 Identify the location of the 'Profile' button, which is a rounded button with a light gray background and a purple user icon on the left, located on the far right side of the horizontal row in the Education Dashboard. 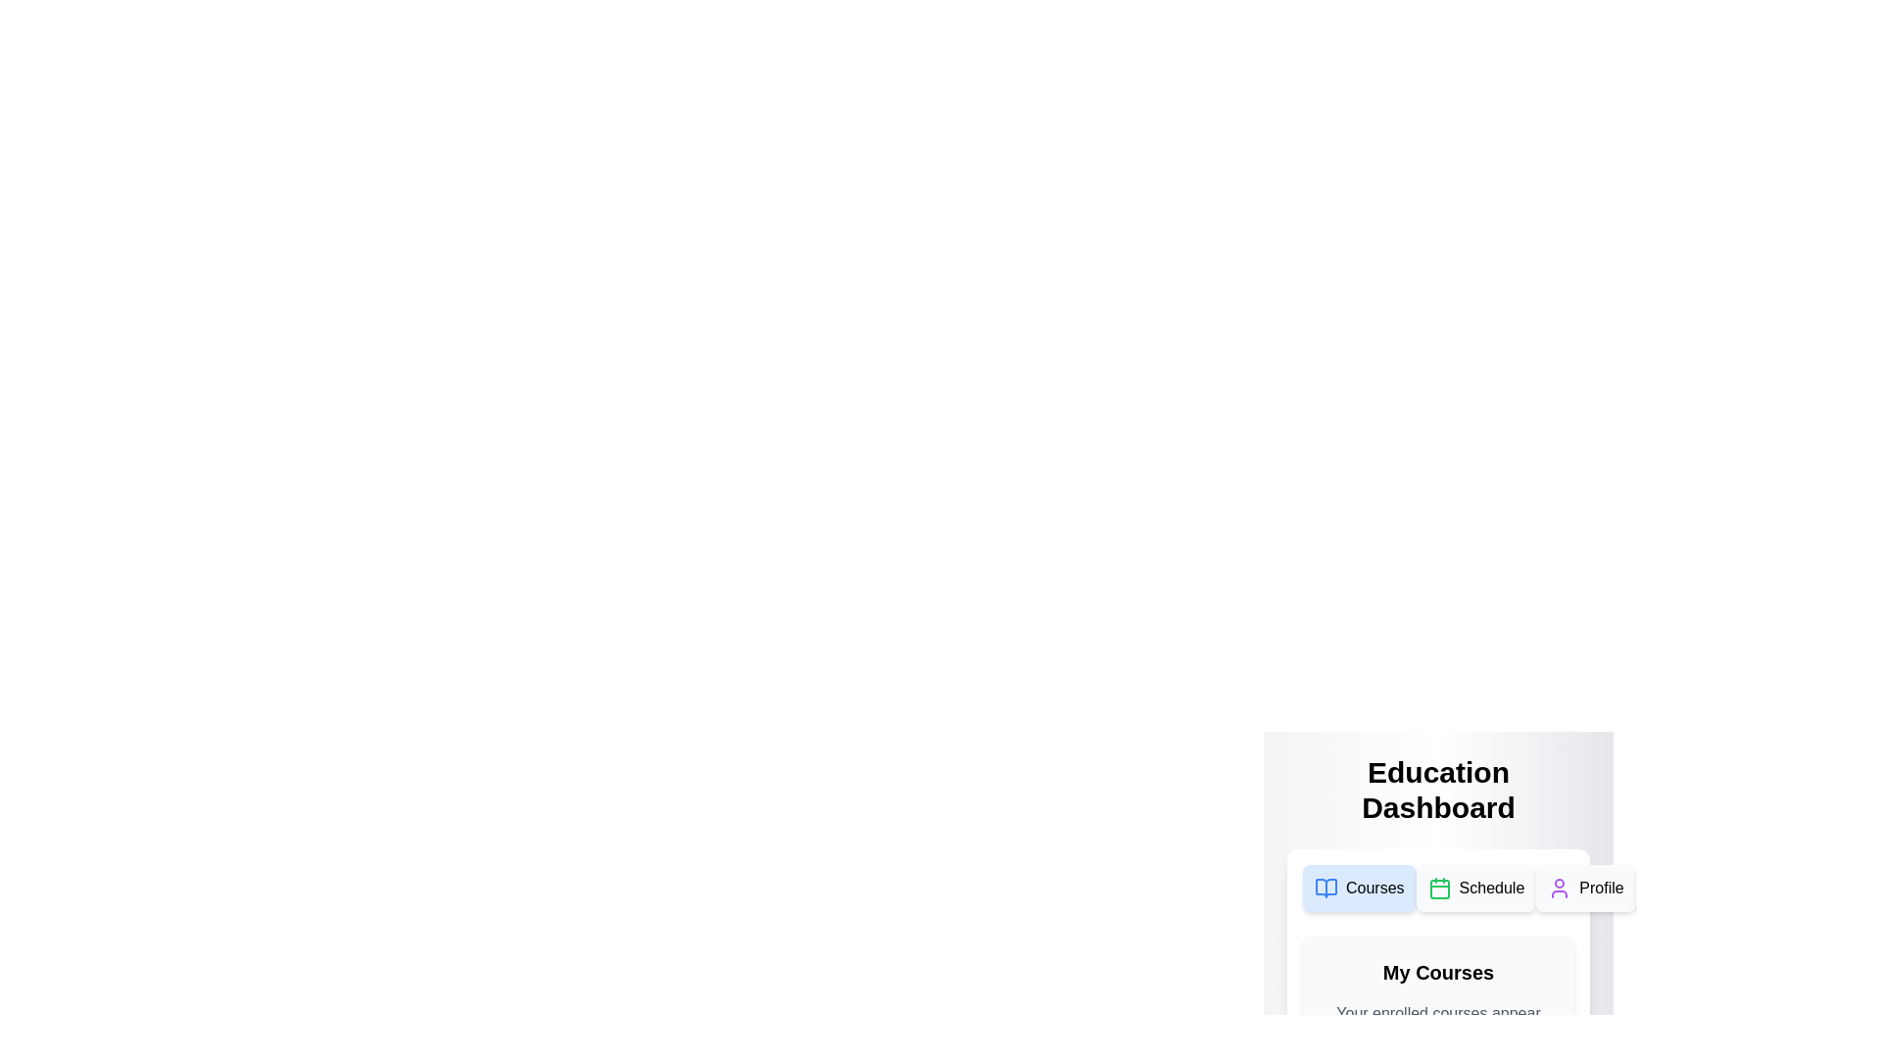
(1585, 888).